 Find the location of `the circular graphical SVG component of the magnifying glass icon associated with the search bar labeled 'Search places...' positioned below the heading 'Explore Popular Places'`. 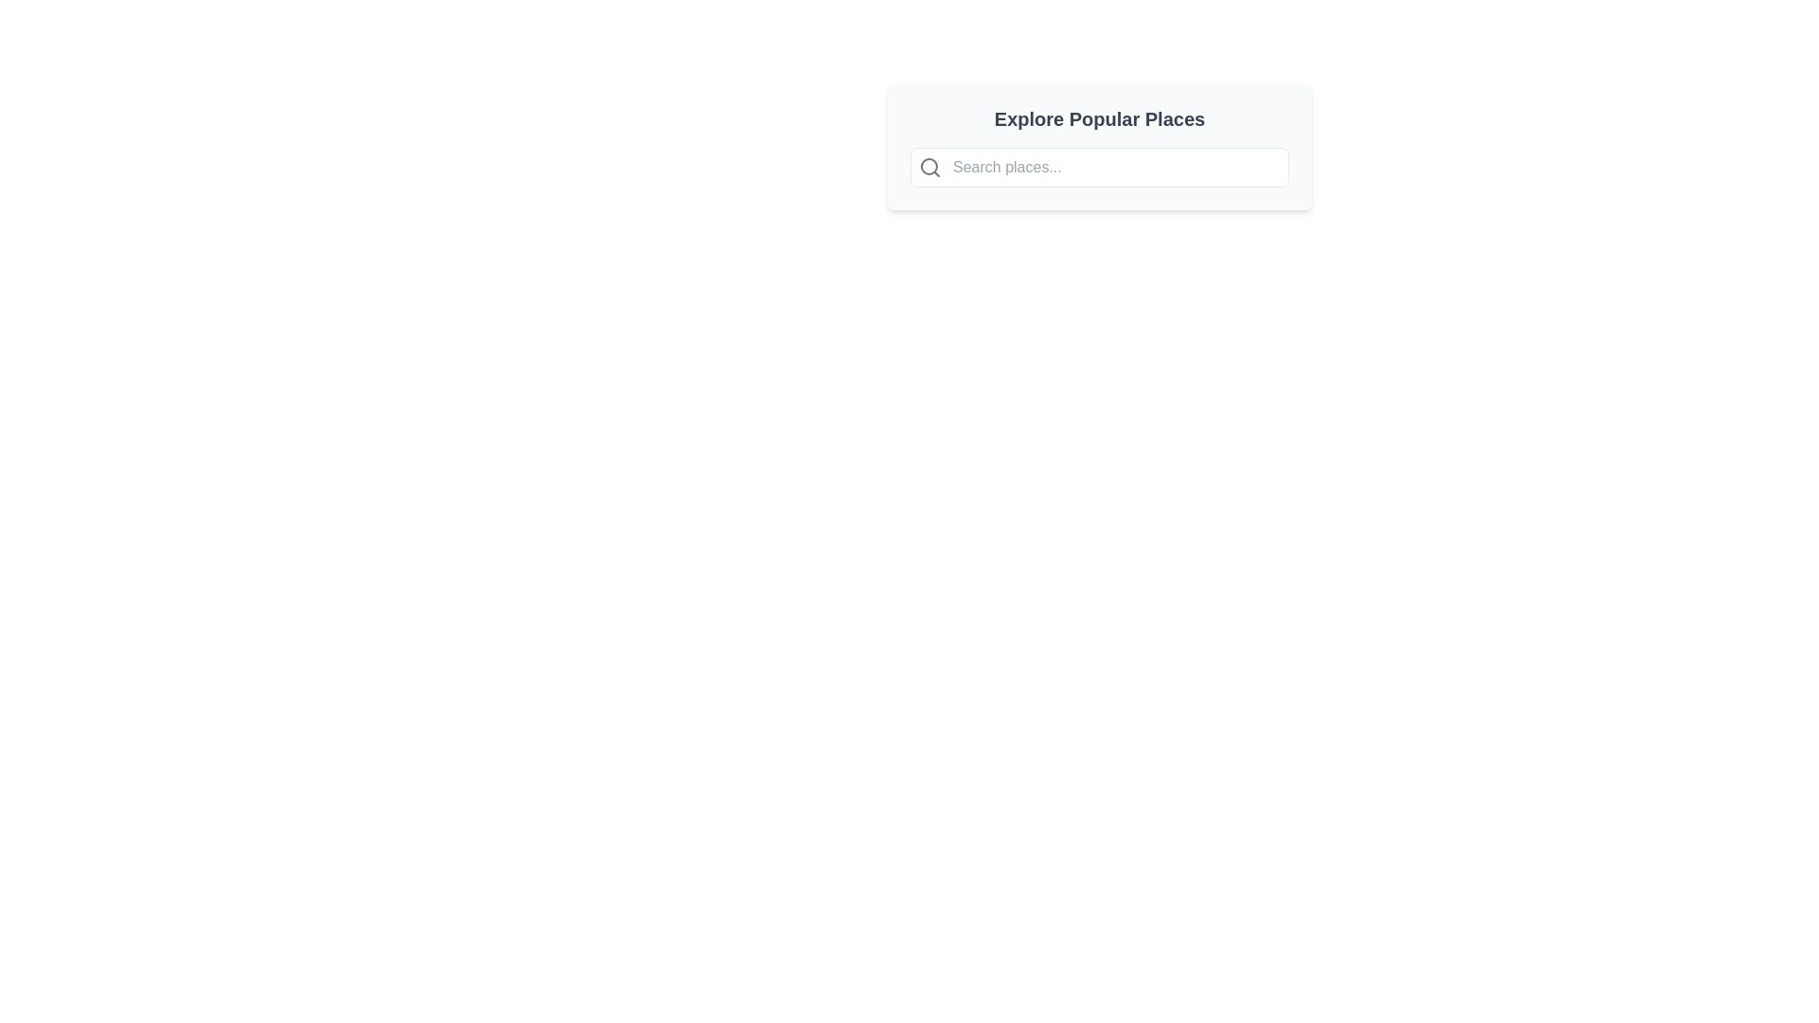

the circular graphical SVG component of the magnifying glass icon associated with the search bar labeled 'Search places...' positioned below the heading 'Explore Popular Places' is located at coordinates (928, 166).